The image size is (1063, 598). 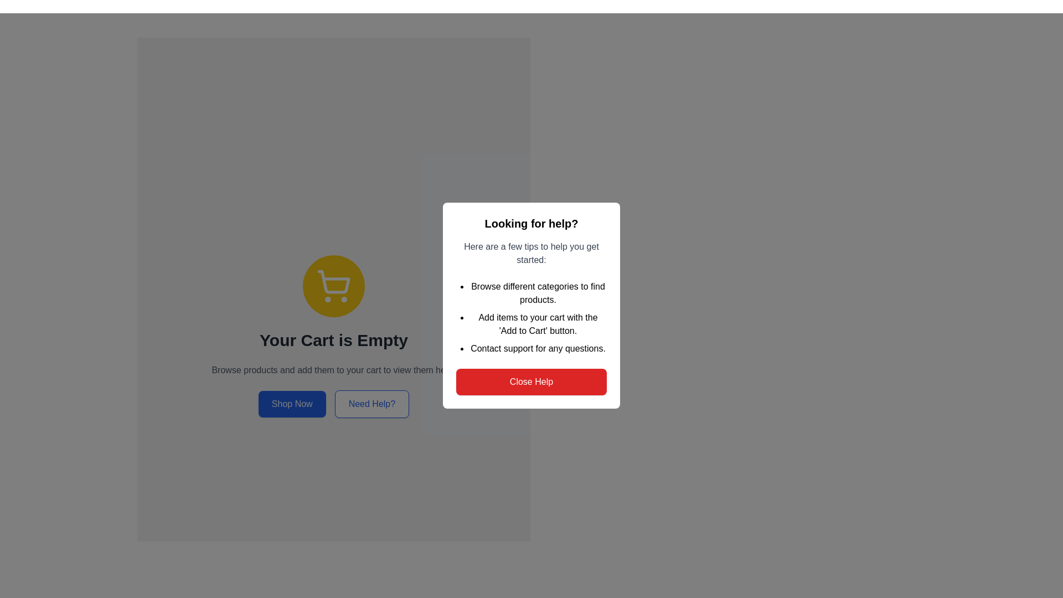 What do you see at coordinates (333, 404) in the screenshot?
I see `the 'Need Help?' button, which is part of a composite element consisting of two buttons positioned below the text 'Browse products and add them to your cart` at bounding box center [333, 404].